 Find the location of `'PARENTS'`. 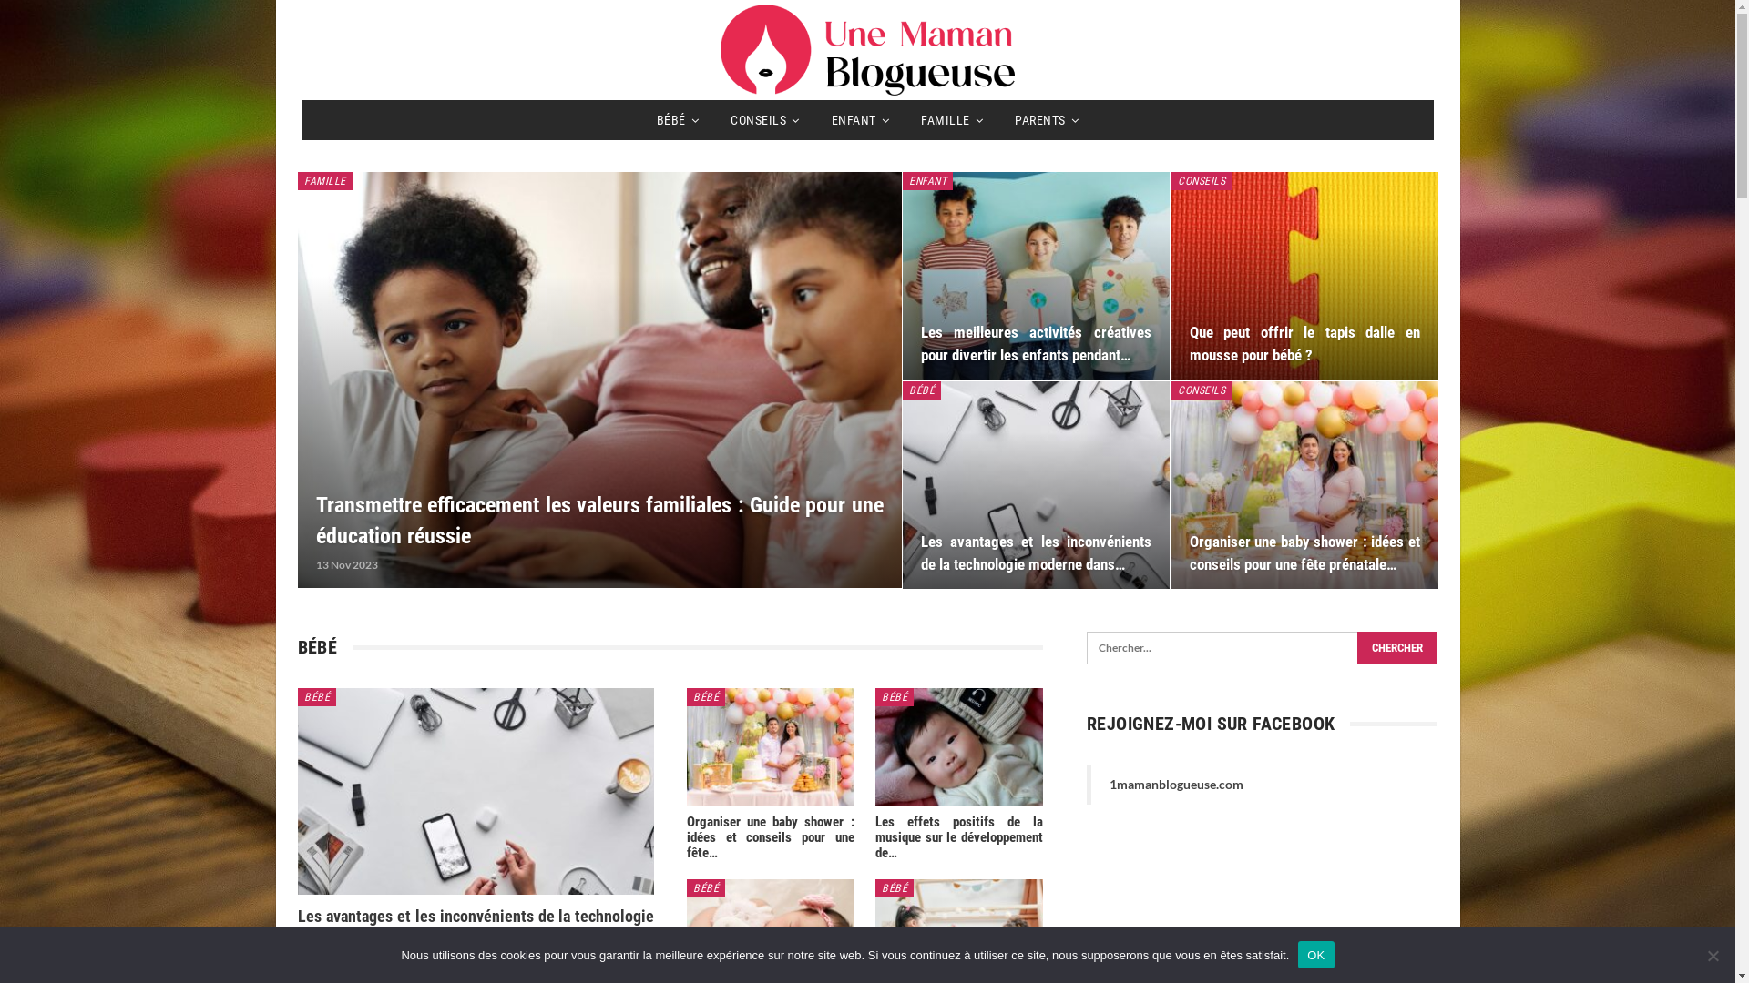

'PARENTS' is located at coordinates (1046, 119).